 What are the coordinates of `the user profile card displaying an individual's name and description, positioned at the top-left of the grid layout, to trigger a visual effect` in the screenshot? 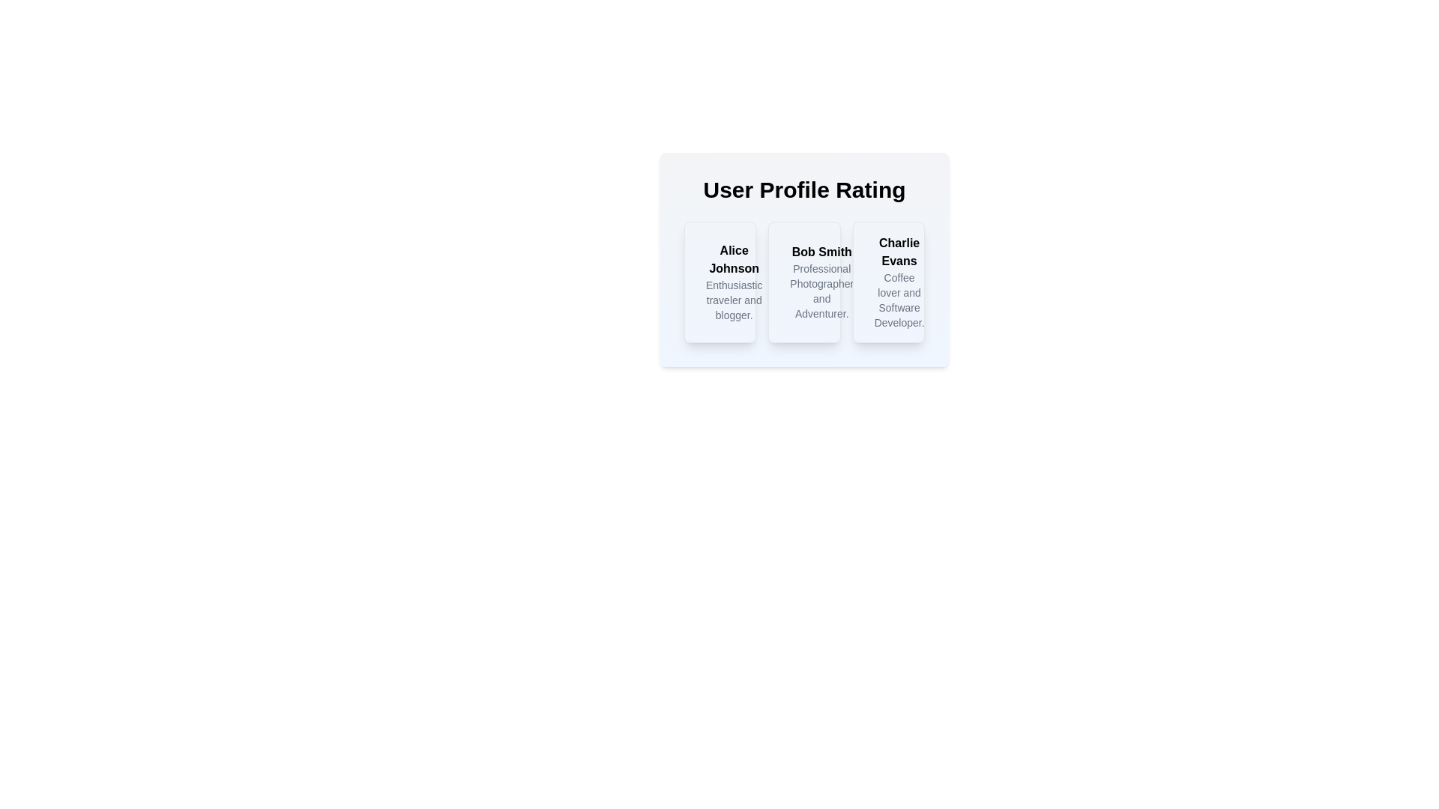 It's located at (720, 282).